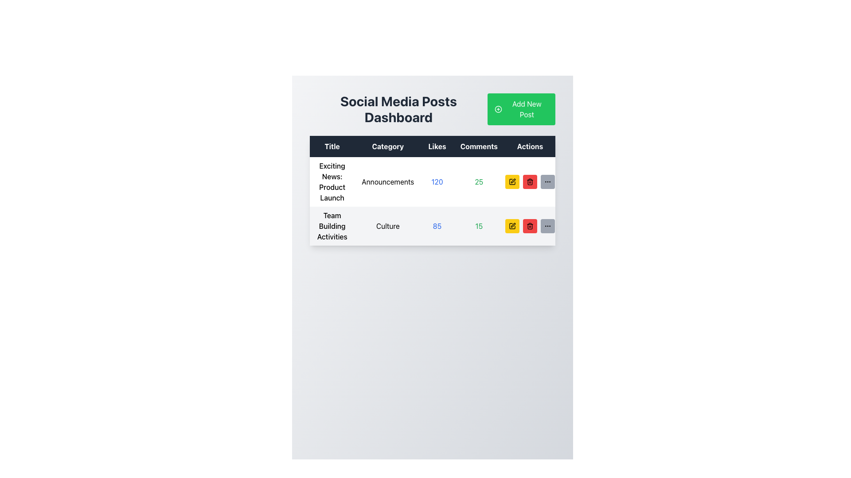 The height and width of the screenshot is (478, 851). I want to click on the small red trash bin icon in the Actions column of the table, so click(530, 225).